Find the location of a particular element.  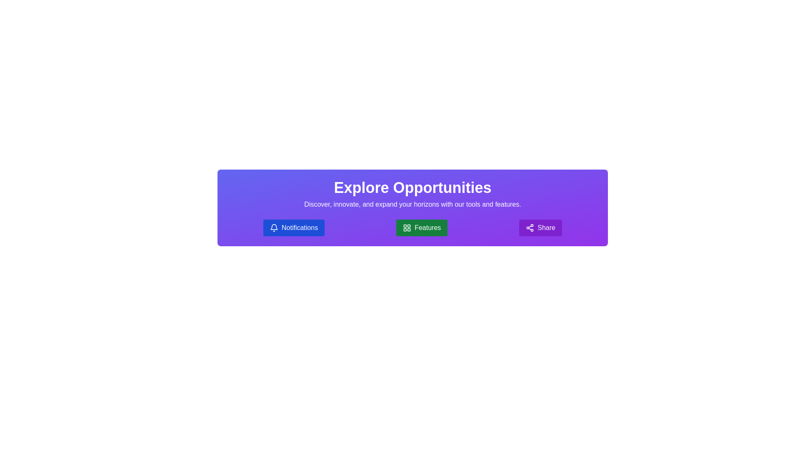

small green icon located to the left of the 'Features' button, which consists of a 2x2 grid of squares with rounded corners is located at coordinates (407, 228).